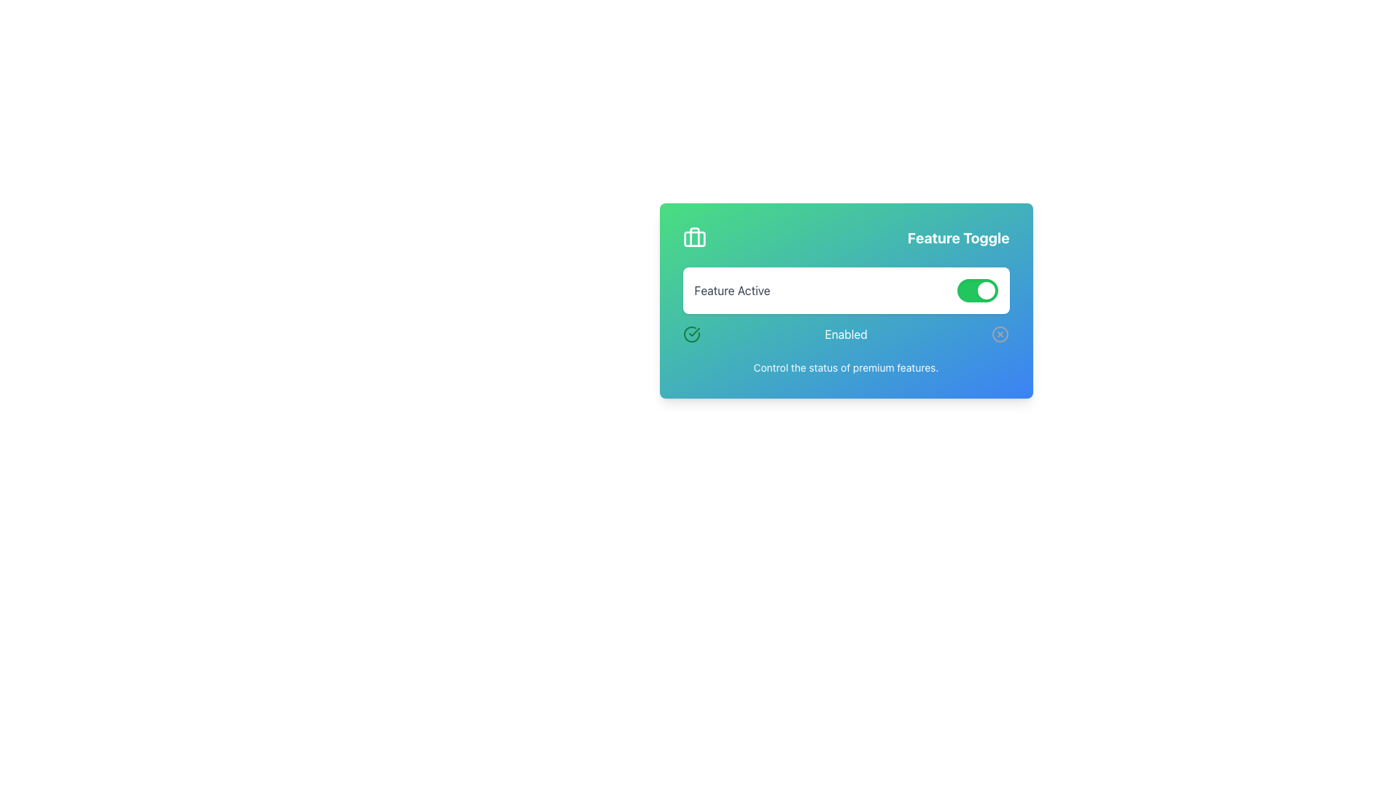 This screenshot has height=787, width=1400. Describe the element at coordinates (693, 332) in the screenshot. I see `the green checkmark icon which indicates a successful action, completion, or enabled state` at that location.